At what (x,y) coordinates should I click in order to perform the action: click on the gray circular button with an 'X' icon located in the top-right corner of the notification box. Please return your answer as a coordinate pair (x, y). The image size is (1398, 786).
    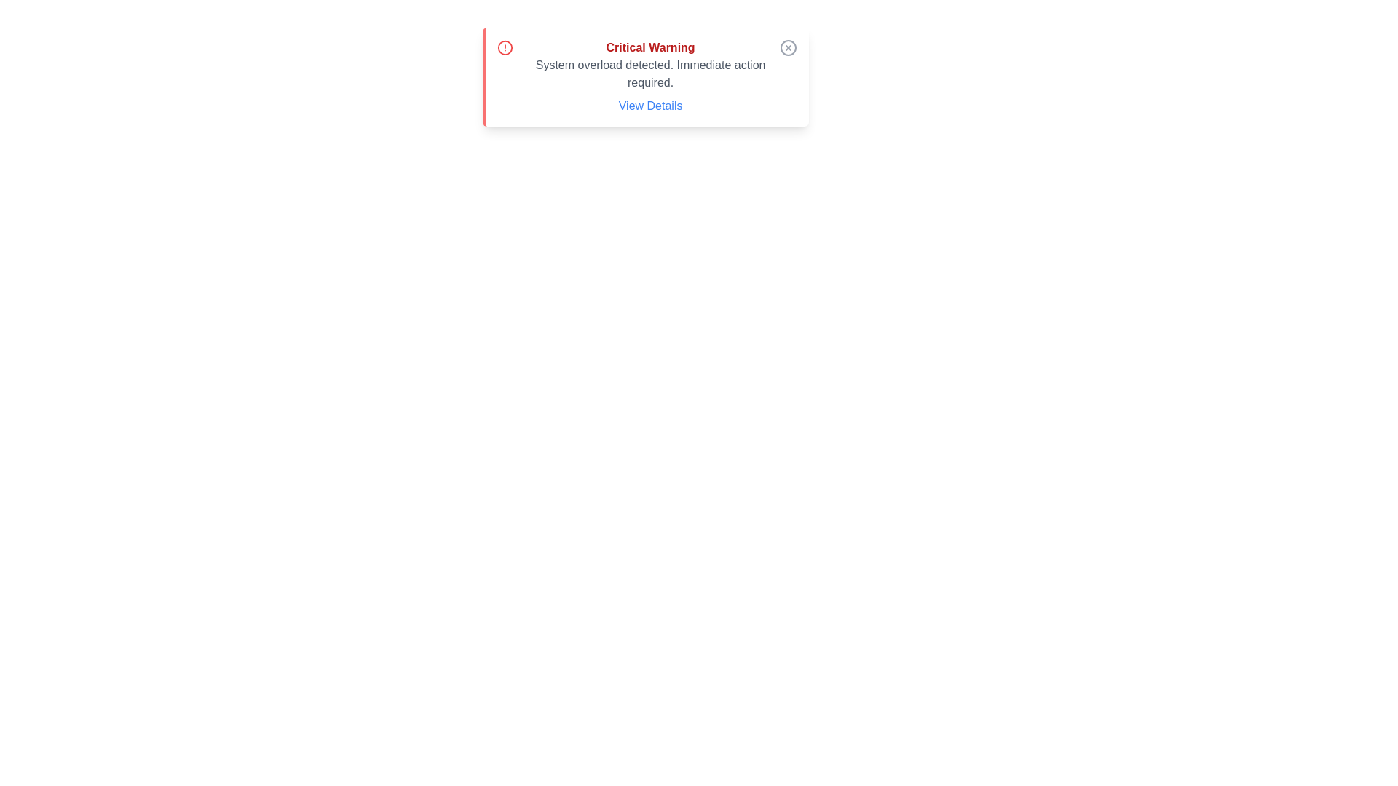
    Looking at the image, I should click on (787, 47).